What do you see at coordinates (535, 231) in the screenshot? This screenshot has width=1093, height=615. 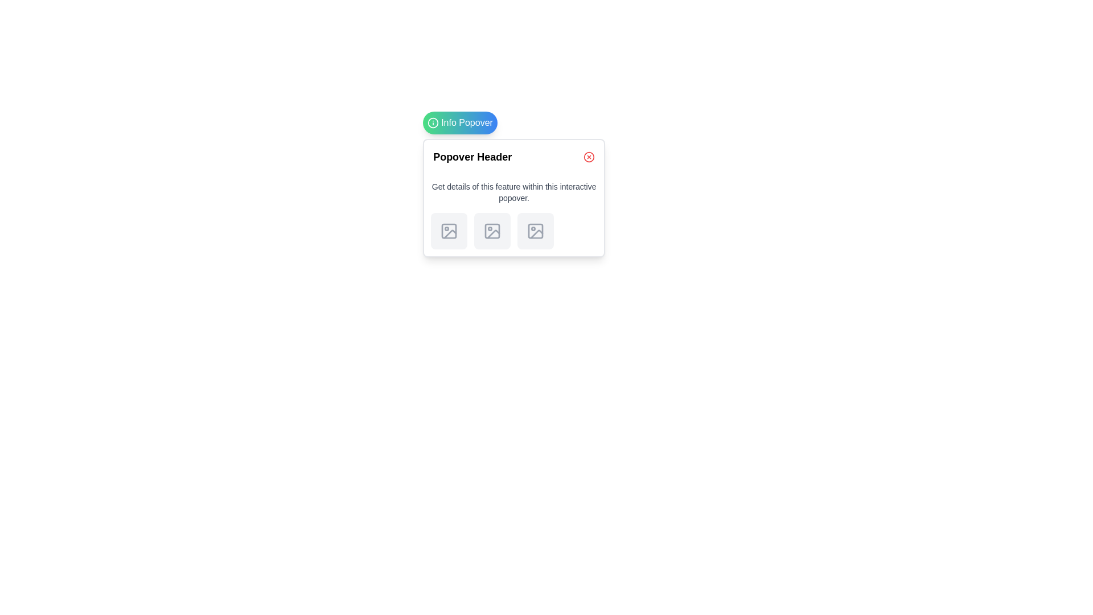 I see `the rightmost icon, which is a square frame containing a mountain and sun` at bounding box center [535, 231].